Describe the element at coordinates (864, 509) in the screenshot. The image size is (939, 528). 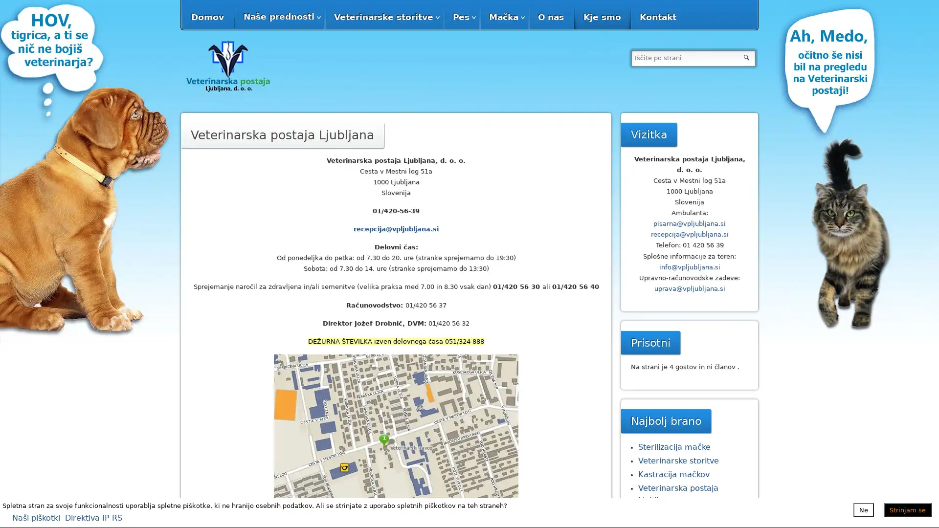
I see `Ne` at that location.